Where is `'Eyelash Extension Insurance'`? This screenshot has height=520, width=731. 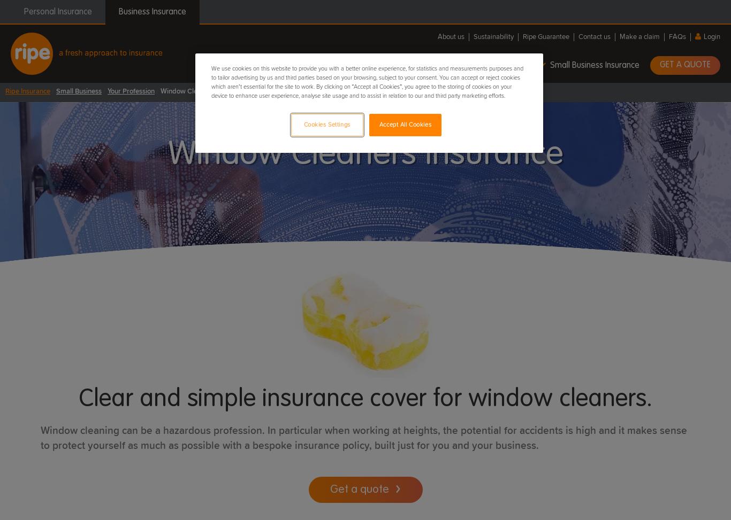 'Eyelash Extension Insurance' is located at coordinates (69, 183).